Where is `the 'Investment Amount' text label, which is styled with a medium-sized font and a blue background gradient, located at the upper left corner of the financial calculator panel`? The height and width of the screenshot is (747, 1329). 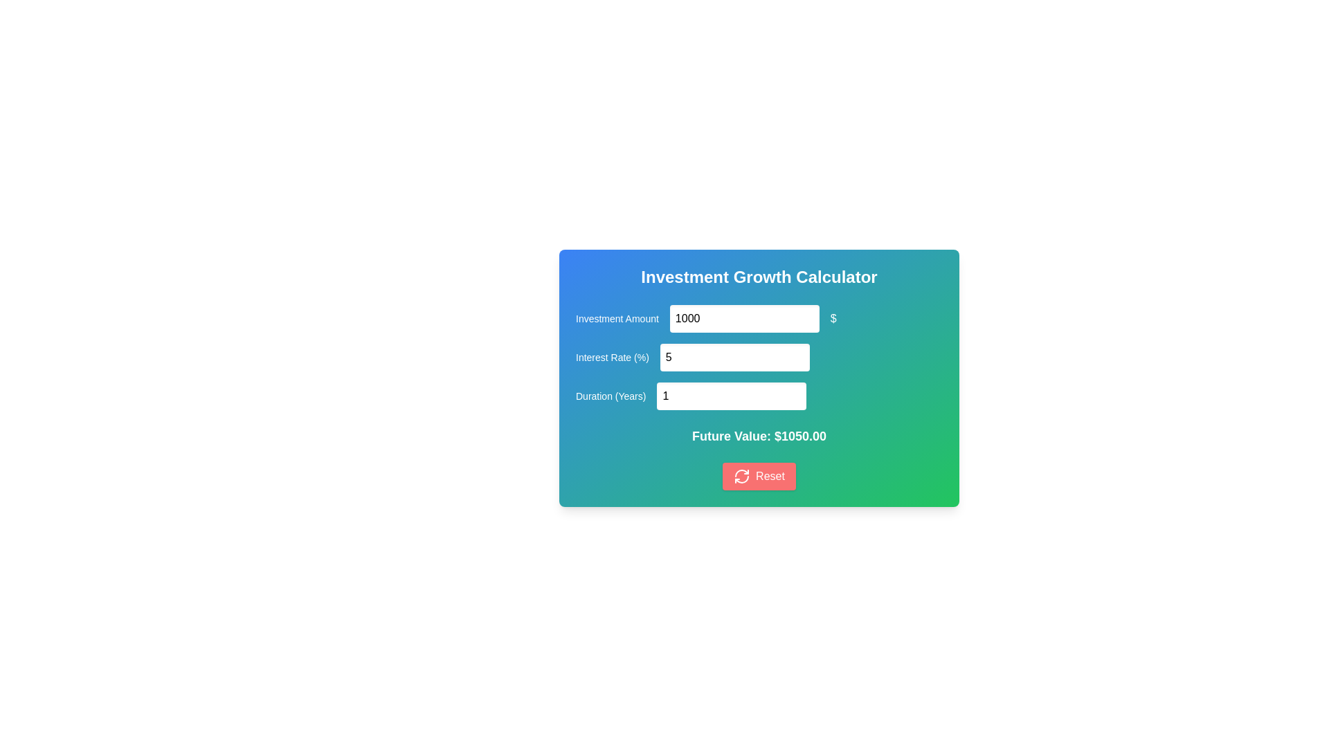
the 'Investment Amount' text label, which is styled with a medium-sized font and a blue background gradient, located at the upper left corner of the financial calculator panel is located at coordinates (616, 319).